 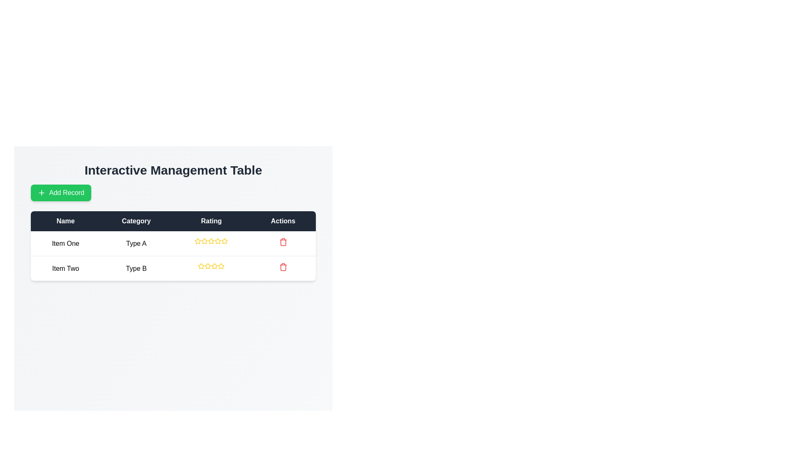 I want to click on the third star in the star rating component for 'Item Two' under the 'Rating' column, so click(x=208, y=266).